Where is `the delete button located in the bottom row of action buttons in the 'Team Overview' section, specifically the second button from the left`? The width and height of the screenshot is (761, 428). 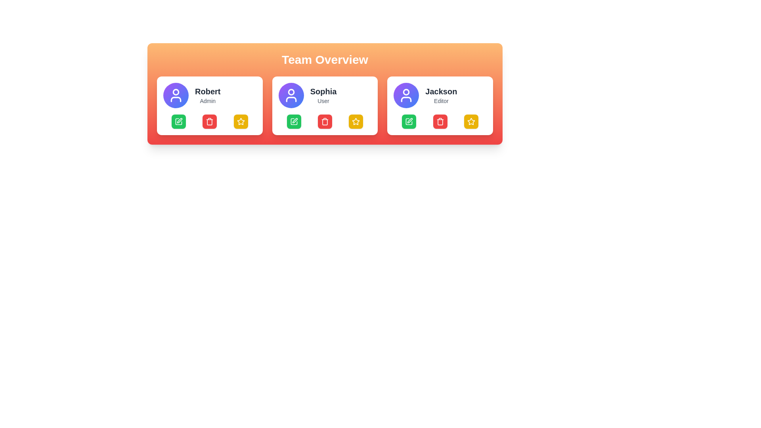 the delete button located in the bottom row of action buttons in the 'Team Overview' section, specifically the second button from the left is located at coordinates (210, 122).